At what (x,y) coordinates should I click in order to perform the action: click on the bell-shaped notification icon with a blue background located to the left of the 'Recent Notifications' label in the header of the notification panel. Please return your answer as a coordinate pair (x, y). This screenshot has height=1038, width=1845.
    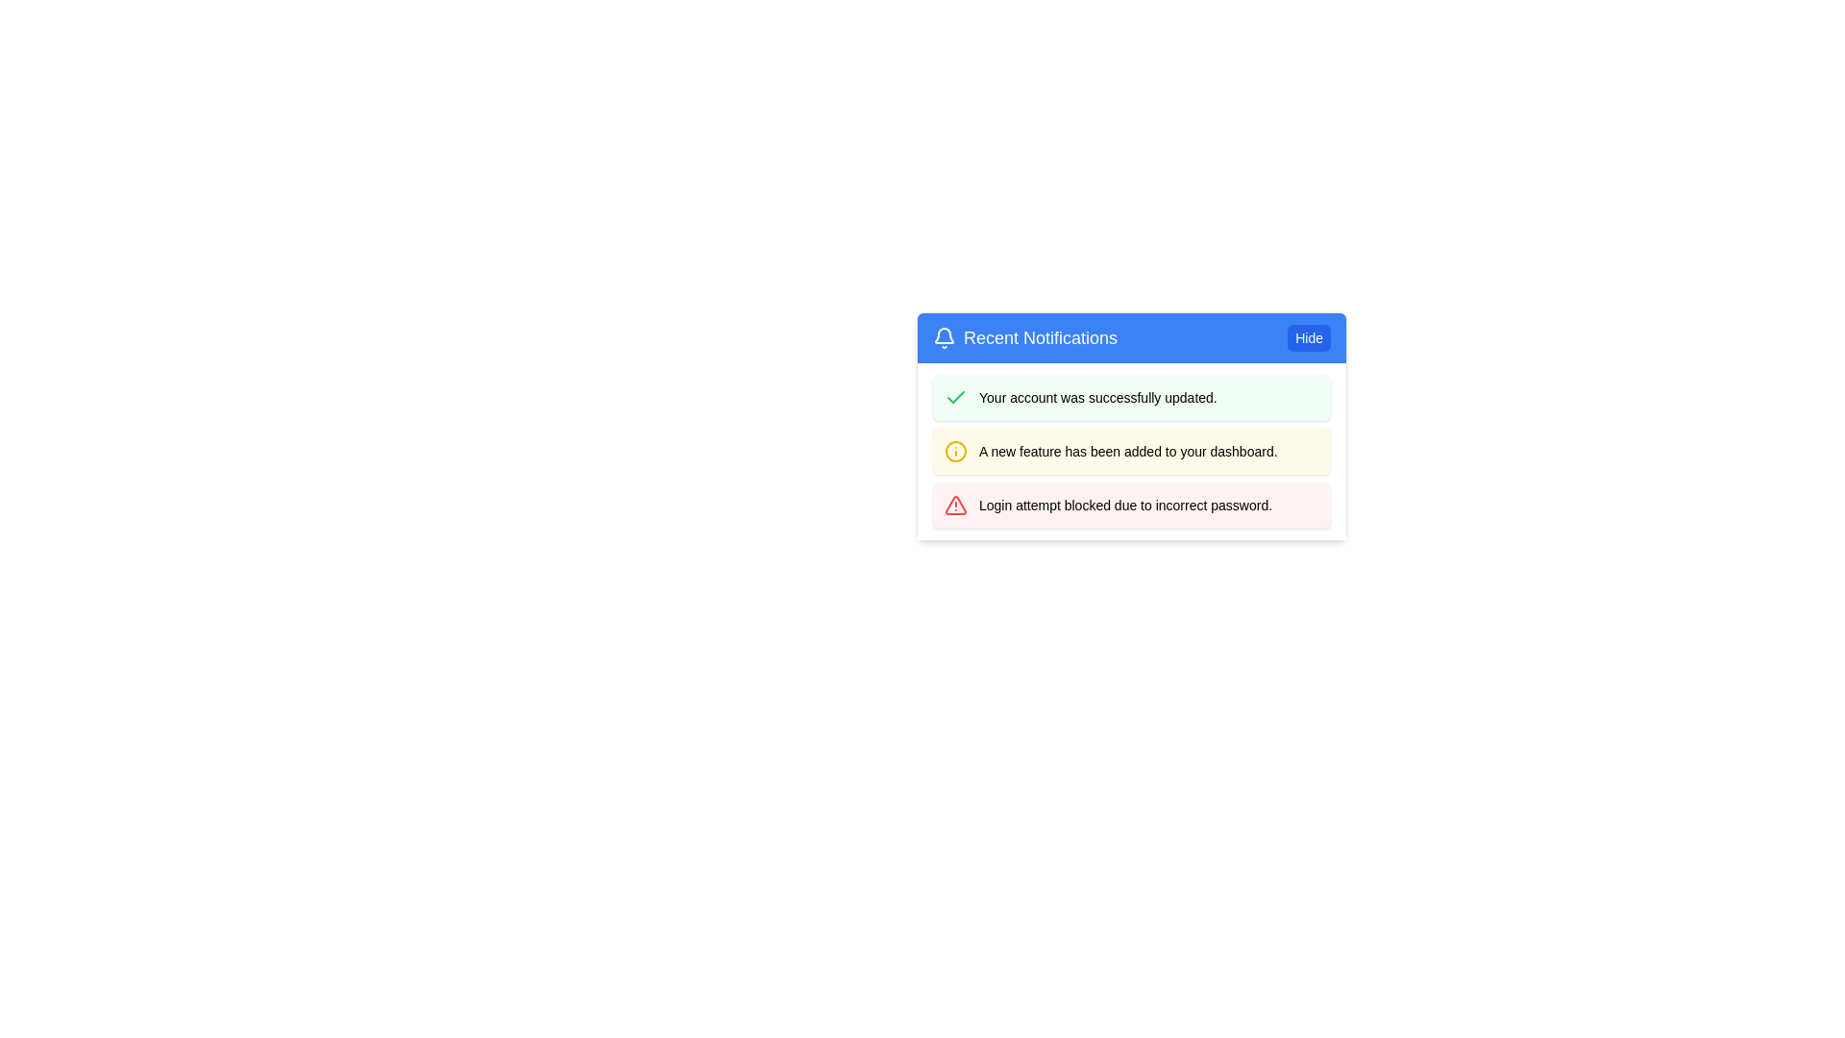
    Looking at the image, I should click on (945, 334).